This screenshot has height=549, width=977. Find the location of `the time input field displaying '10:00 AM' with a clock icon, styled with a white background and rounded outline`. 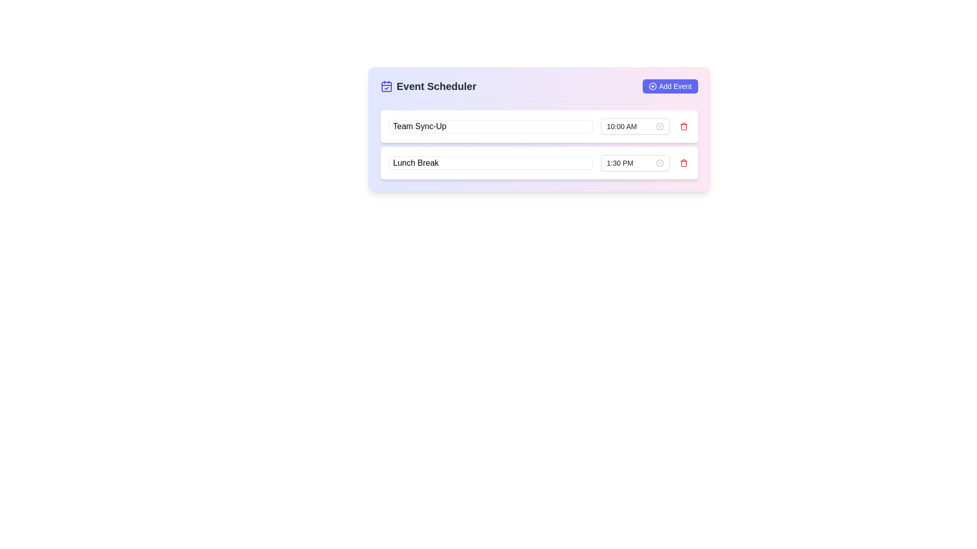

the time input field displaying '10:00 AM' with a clock icon, styled with a white background and rounded outline is located at coordinates (635, 126).